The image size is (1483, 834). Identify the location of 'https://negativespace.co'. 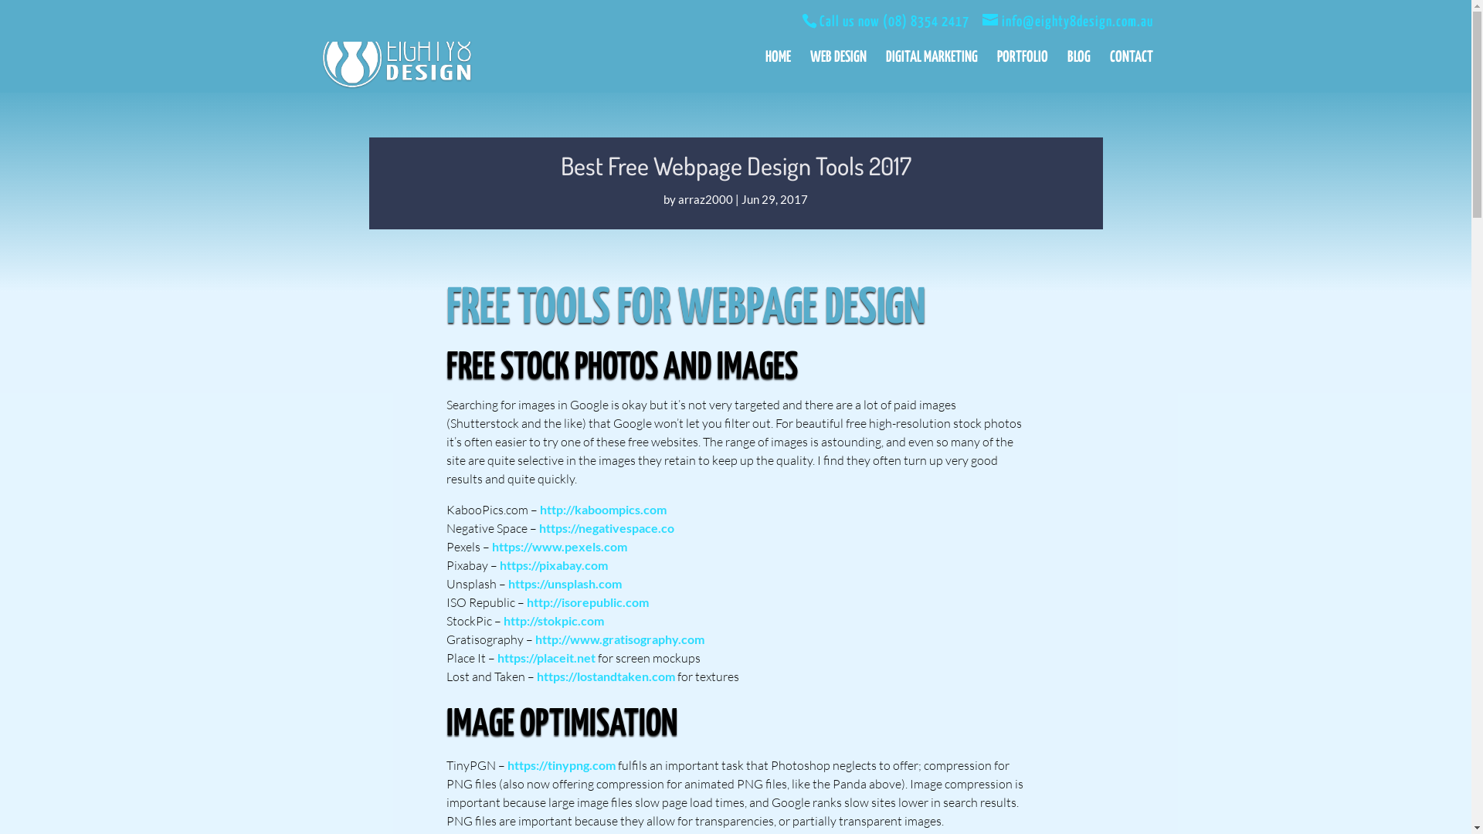
(606, 527).